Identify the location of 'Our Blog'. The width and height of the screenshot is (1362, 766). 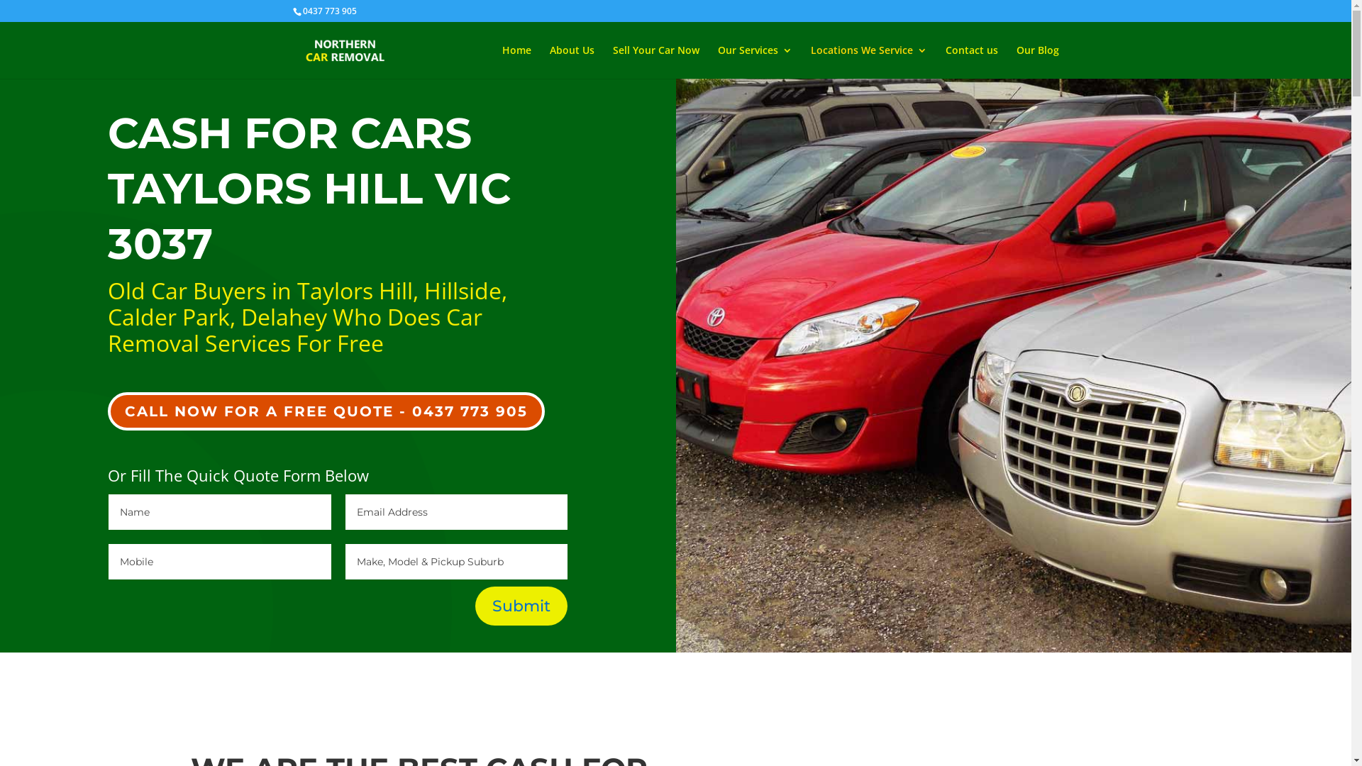
(1037, 61).